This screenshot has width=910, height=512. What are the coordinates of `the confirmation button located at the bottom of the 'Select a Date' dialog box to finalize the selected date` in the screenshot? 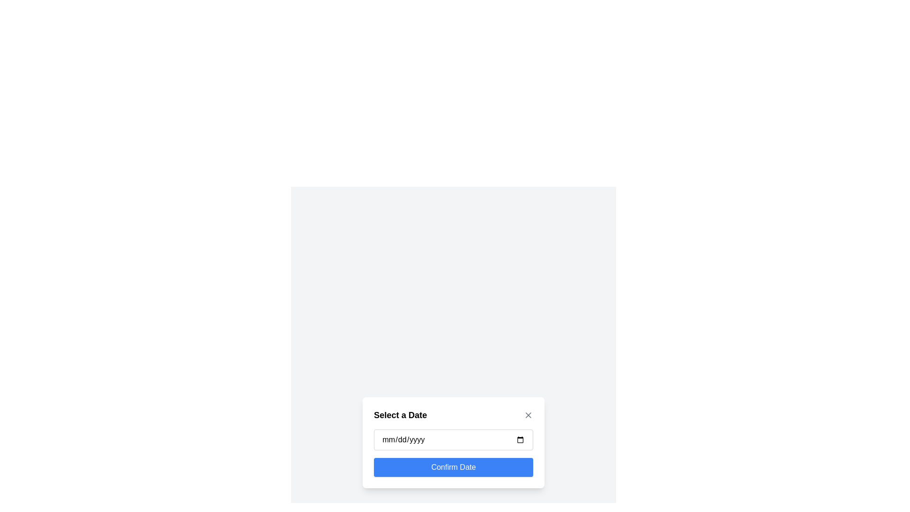 It's located at (453, 467).